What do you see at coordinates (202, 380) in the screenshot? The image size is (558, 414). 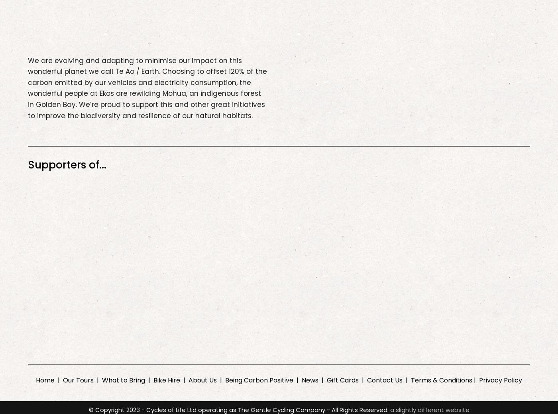 I see `'About Us'` at bounding box center [202, 380].